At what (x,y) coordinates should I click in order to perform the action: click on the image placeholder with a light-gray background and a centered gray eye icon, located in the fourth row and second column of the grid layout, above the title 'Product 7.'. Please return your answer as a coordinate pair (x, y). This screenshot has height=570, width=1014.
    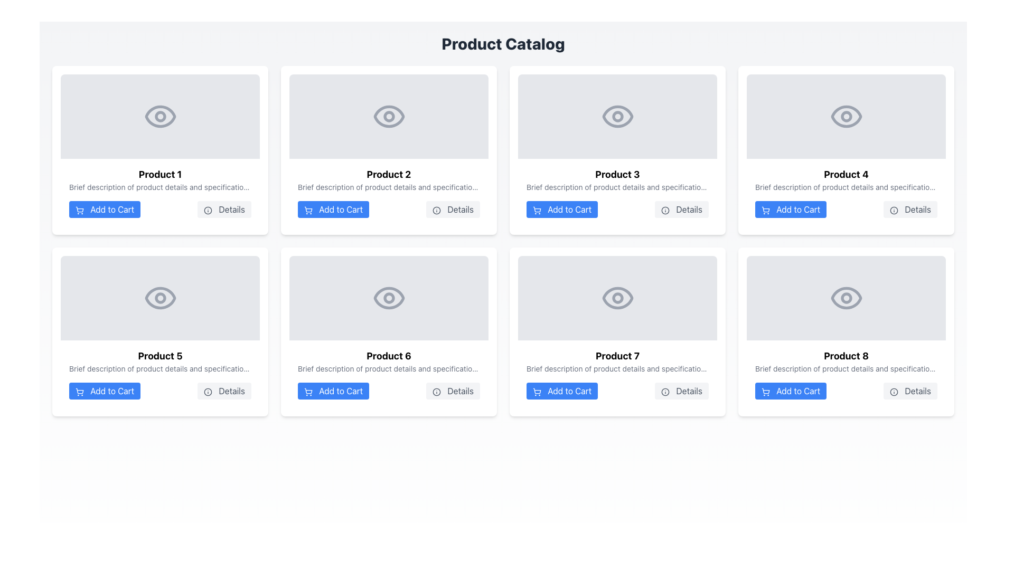
    Looking at the image, I should click on (617, 298).